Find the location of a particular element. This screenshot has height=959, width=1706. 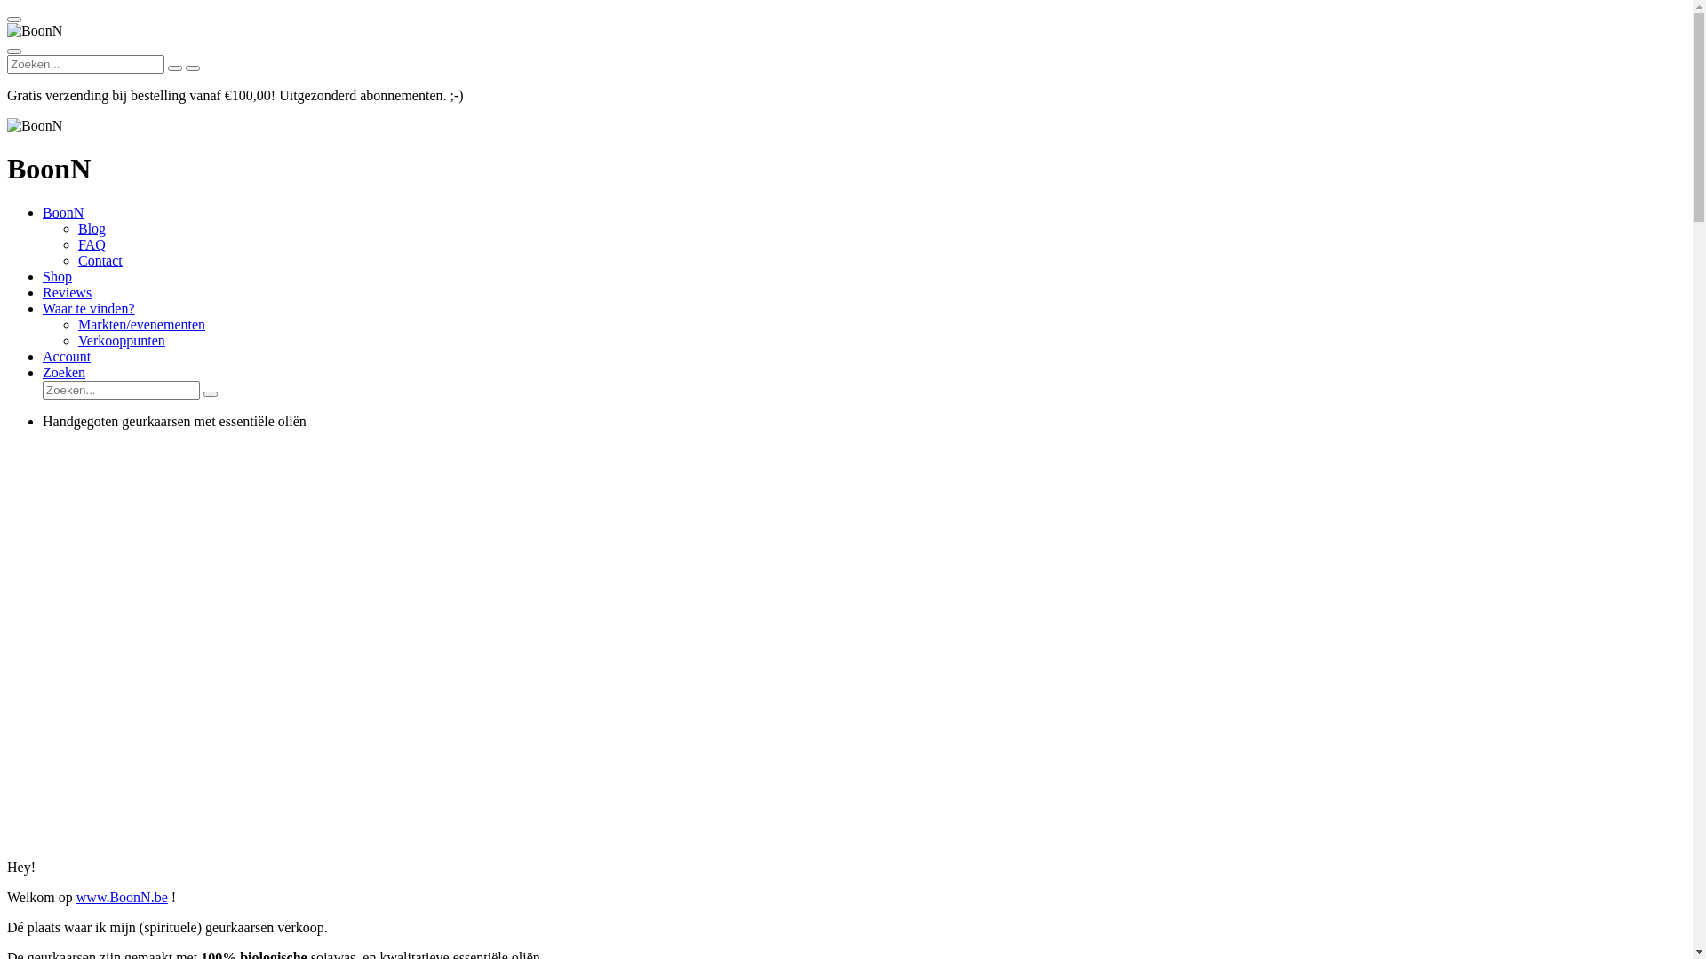

'FAQ' is located at coordinates (76, 244).